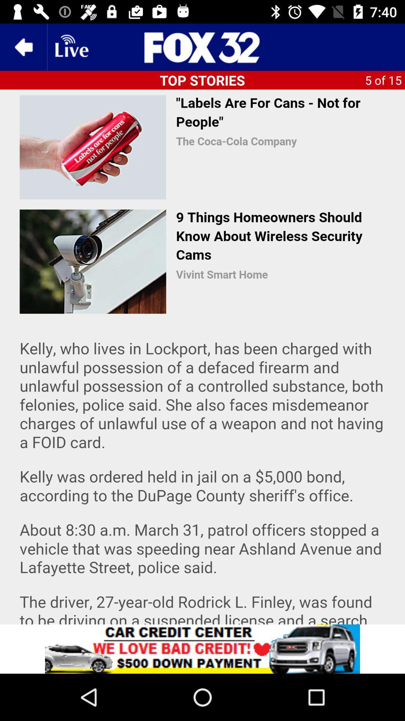 The width and height of the screenshot is (405, 721). I want to click on advertisement, so click(202, 649).